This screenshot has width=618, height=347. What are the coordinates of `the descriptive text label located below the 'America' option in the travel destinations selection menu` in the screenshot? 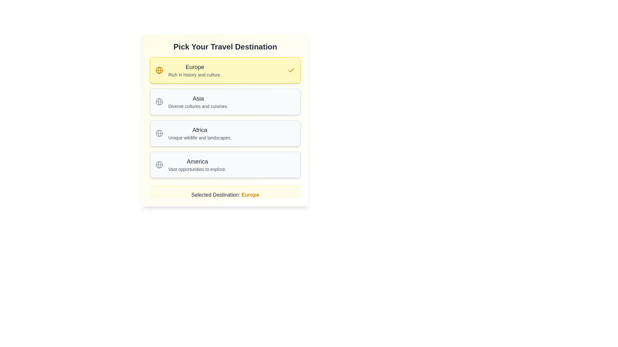 It's located at (197, 169).